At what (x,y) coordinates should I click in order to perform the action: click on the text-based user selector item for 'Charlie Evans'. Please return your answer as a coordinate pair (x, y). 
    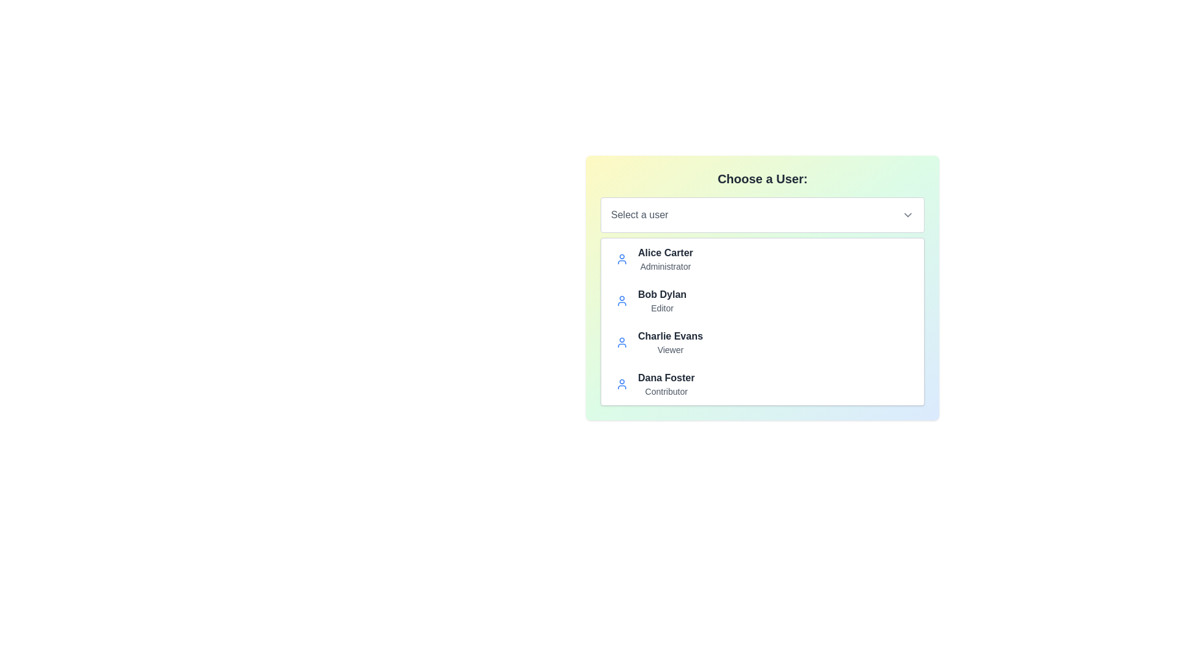
    Looking at the image, I should click on (669, 343).